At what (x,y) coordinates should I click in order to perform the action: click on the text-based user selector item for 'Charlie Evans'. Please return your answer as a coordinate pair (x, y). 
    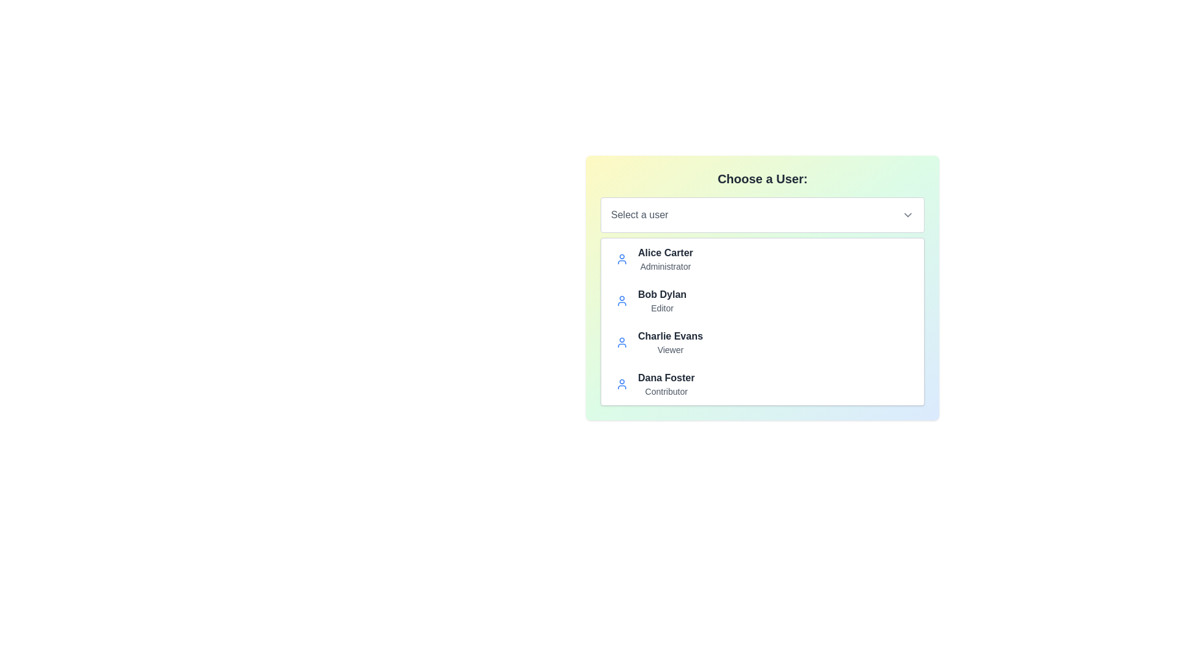
    Looking at the image, I should click on (669, 343).